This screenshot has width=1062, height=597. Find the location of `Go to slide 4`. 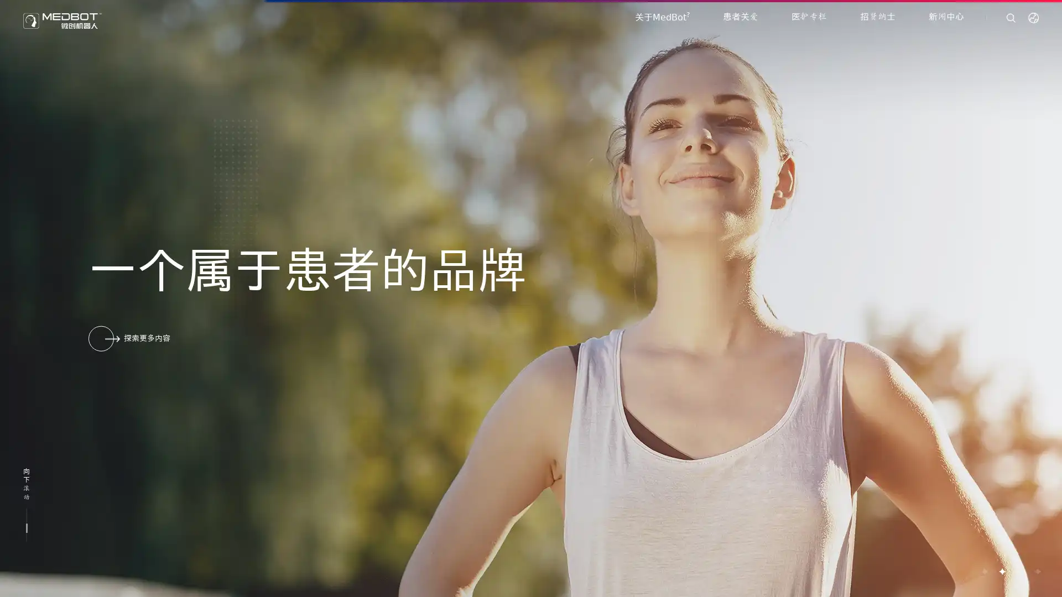

Go to slide 4 is located at coordinates (1037, 571).